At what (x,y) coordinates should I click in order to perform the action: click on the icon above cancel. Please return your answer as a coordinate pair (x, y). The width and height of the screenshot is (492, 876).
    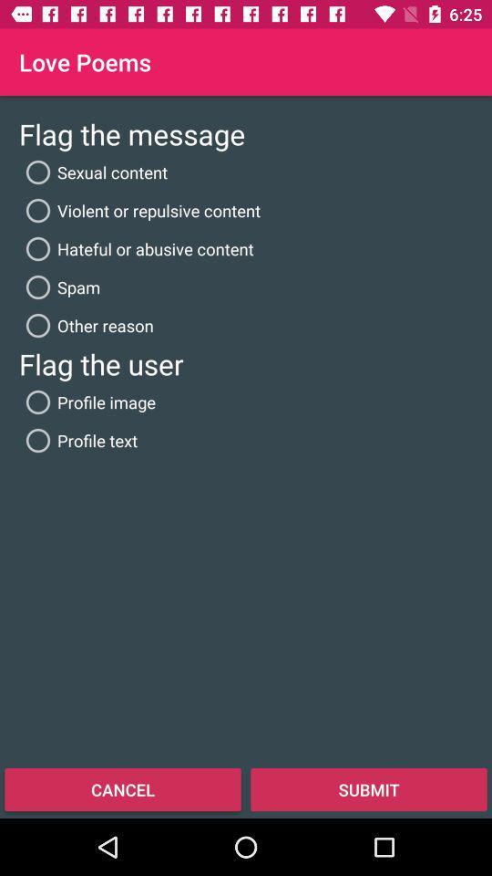
    Looking at the image, I should click on (77, 439).